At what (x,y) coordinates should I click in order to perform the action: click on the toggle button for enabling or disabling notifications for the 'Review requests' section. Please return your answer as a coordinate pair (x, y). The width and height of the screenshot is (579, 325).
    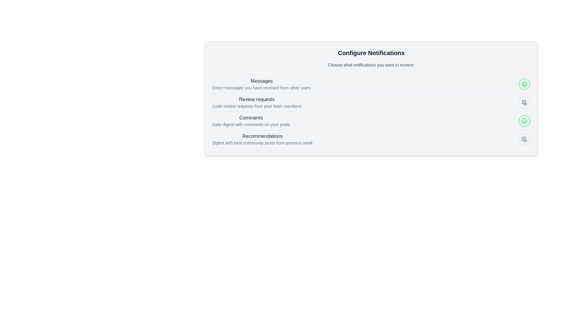
    Looking at the image, I should click on (524, 102).